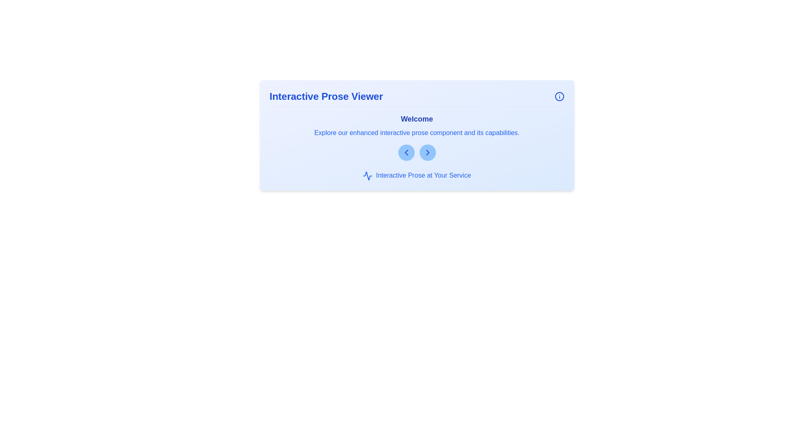 Image resolution: width=786 pixels, height=442 pixels. I want to click on the Chevron left icon button, which serves as a navigation button to go back or to a previous section, to trigger a visual response, so click(406, 153).